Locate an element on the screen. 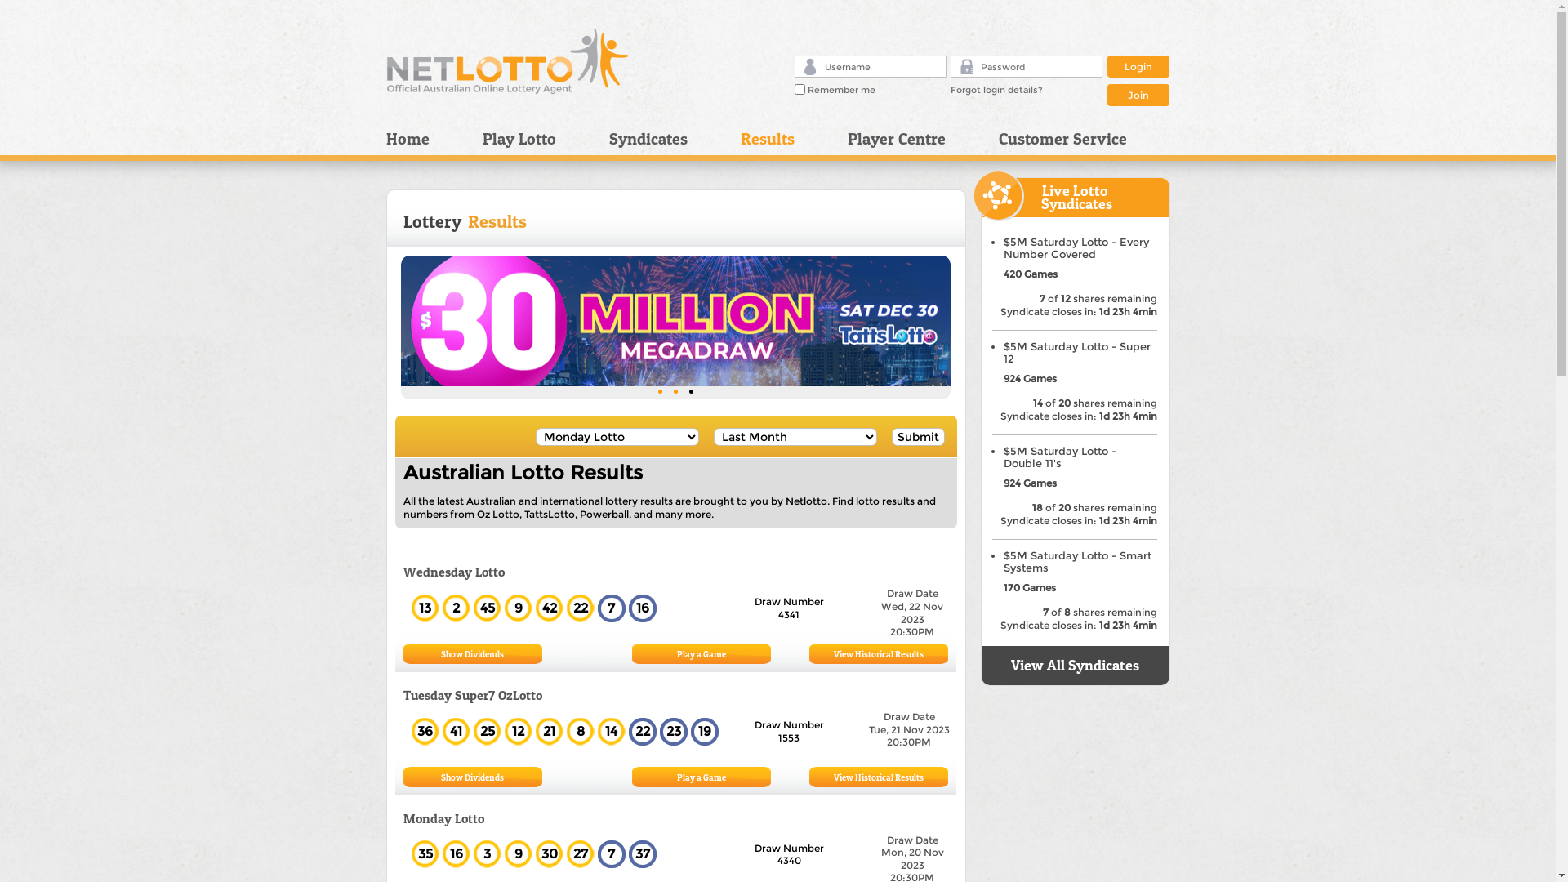 This screenshot has width=1568, height=882. 'View Historical Results' is located at coordinates (877, 653).